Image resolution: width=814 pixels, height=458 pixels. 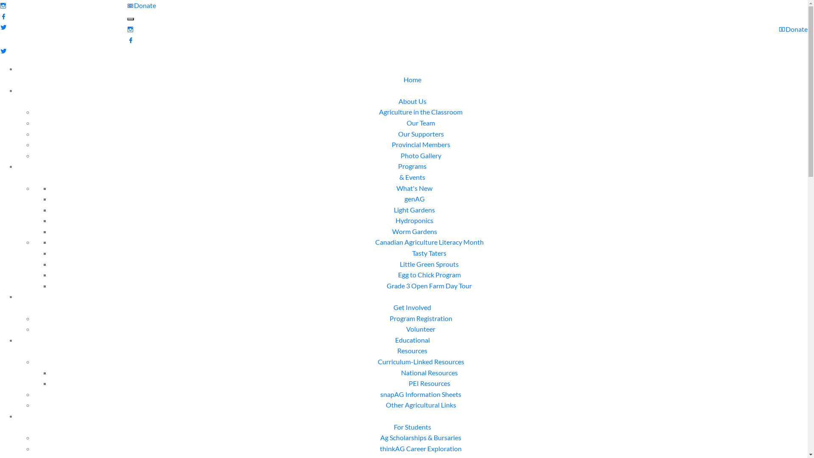 I want to click on 'About Us', so click(x=413, y=106).